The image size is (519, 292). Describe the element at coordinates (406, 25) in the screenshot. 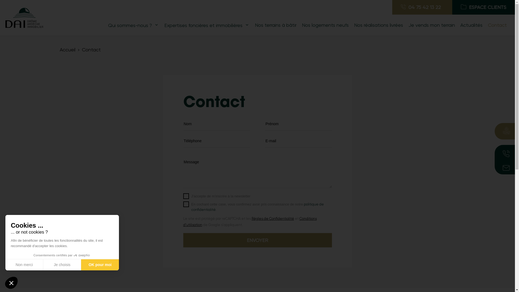

I see `'Je vends mon terrain'` at that location.